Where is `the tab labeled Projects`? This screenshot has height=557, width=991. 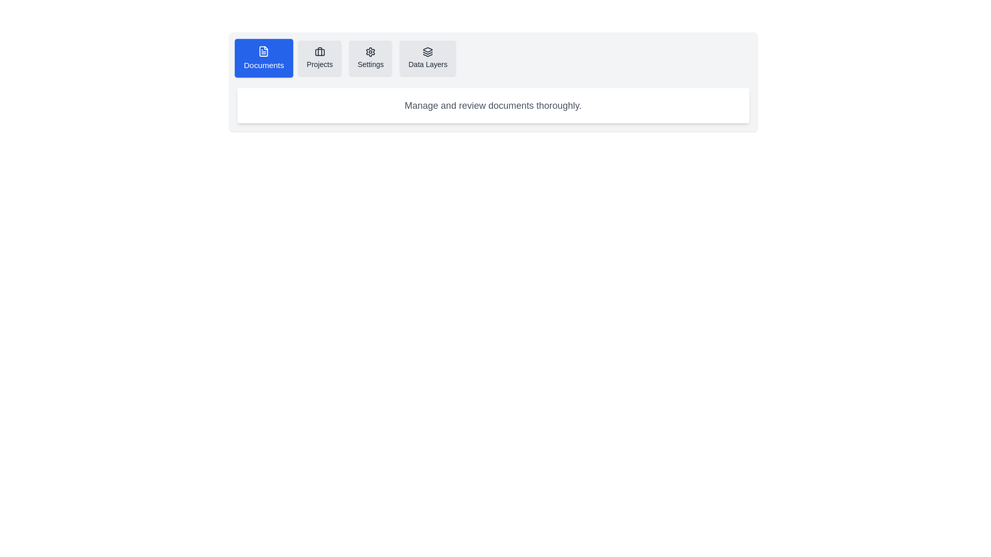
the tab labeled Projects is located at coordinates (319, 58).